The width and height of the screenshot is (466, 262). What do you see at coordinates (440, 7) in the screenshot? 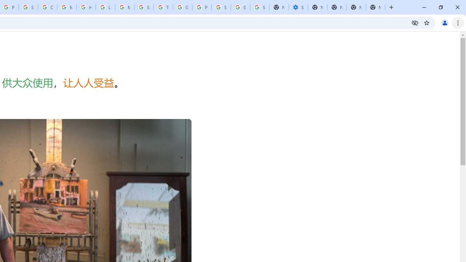
I see `'Restore'` at bounding box center [440, 7].